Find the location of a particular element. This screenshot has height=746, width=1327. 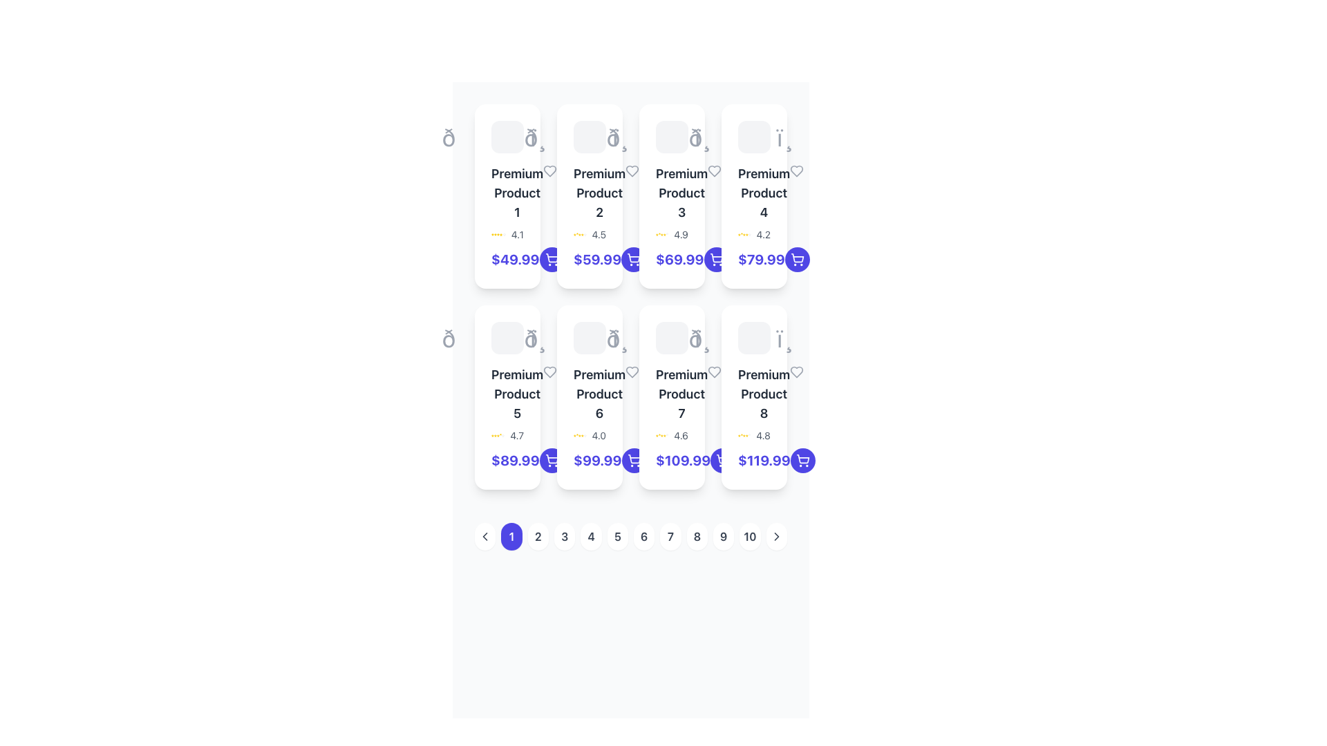

the label displaying 'Premium Product 5' is located at coordinates (507, 394).